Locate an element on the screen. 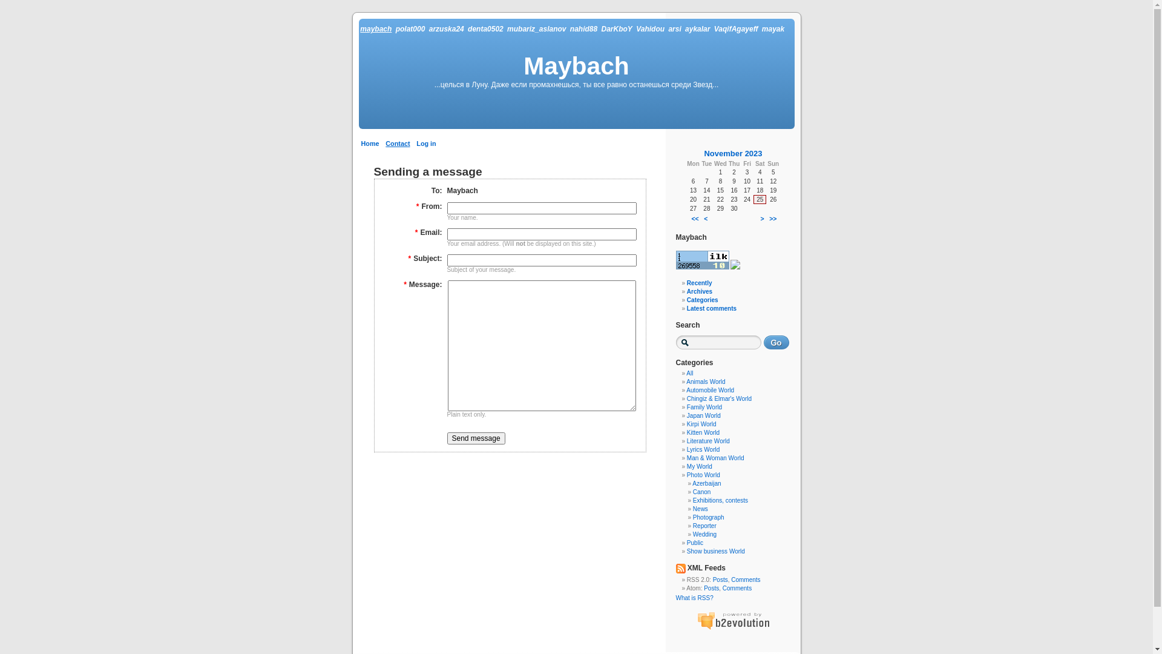 This screenshot has width=1162, height=654. 'mayak' is located at coordinates (772, 28).